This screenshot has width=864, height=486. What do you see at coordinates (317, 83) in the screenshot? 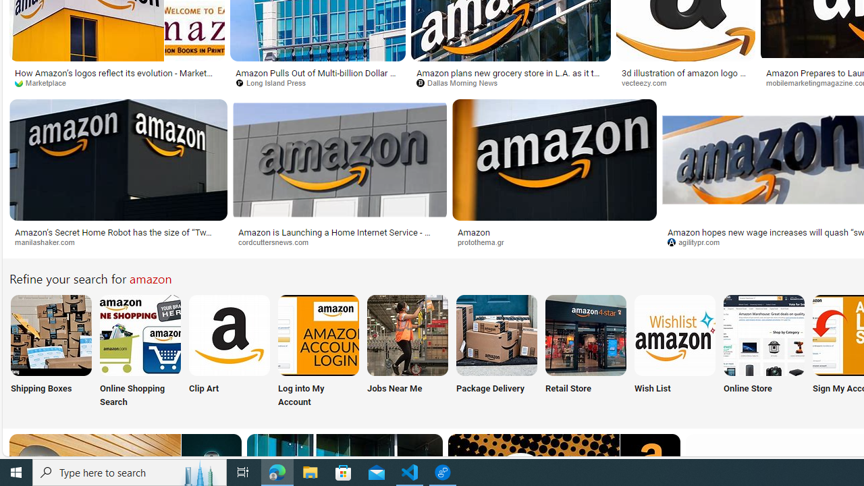
I see `'Long Island Press'` at bounding box center [317, 83].